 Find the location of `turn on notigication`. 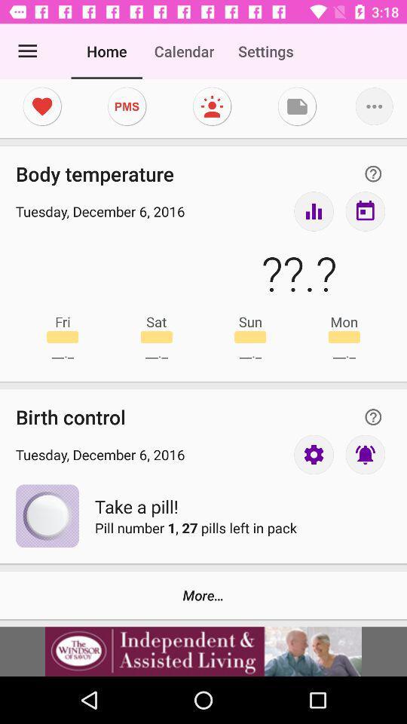

turn on notigication is located at coordinates (364, 453).